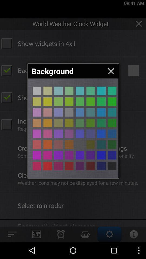  Describe the element at coordinates (91, 101) in the screenshot. I see `khaki background` at that location.